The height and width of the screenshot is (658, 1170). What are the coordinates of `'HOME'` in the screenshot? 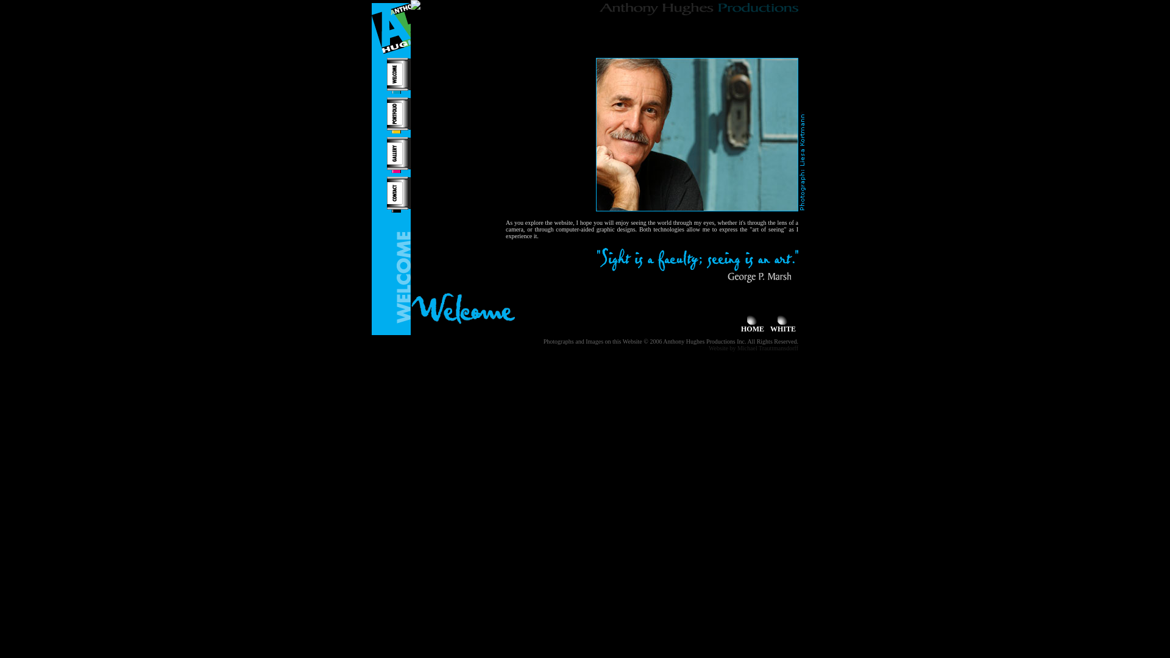 It's located at (751, 325).